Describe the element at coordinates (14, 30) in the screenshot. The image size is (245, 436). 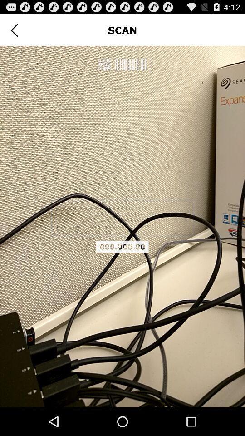
I see `the icon at the top left corner` at that location.